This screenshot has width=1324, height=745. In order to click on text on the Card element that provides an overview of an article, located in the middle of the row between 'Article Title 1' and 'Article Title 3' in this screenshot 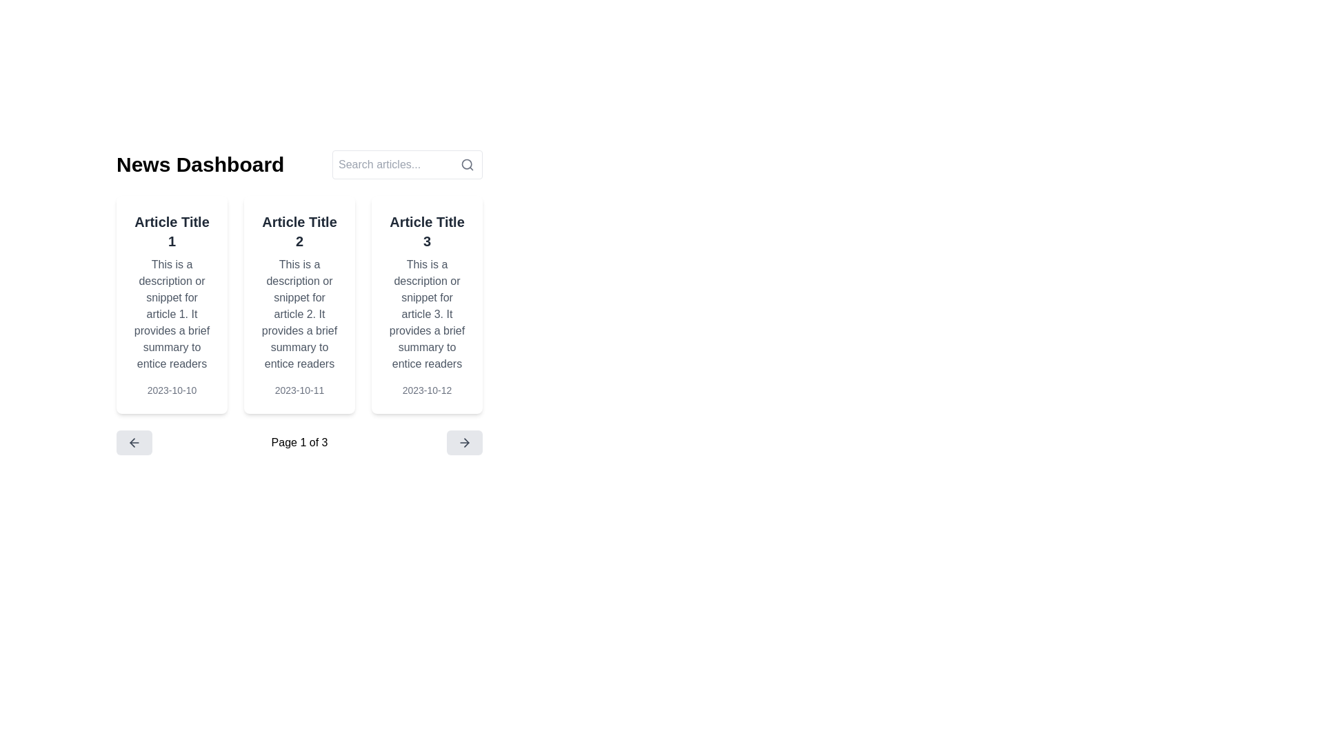, I will do `click(299, 304)`.